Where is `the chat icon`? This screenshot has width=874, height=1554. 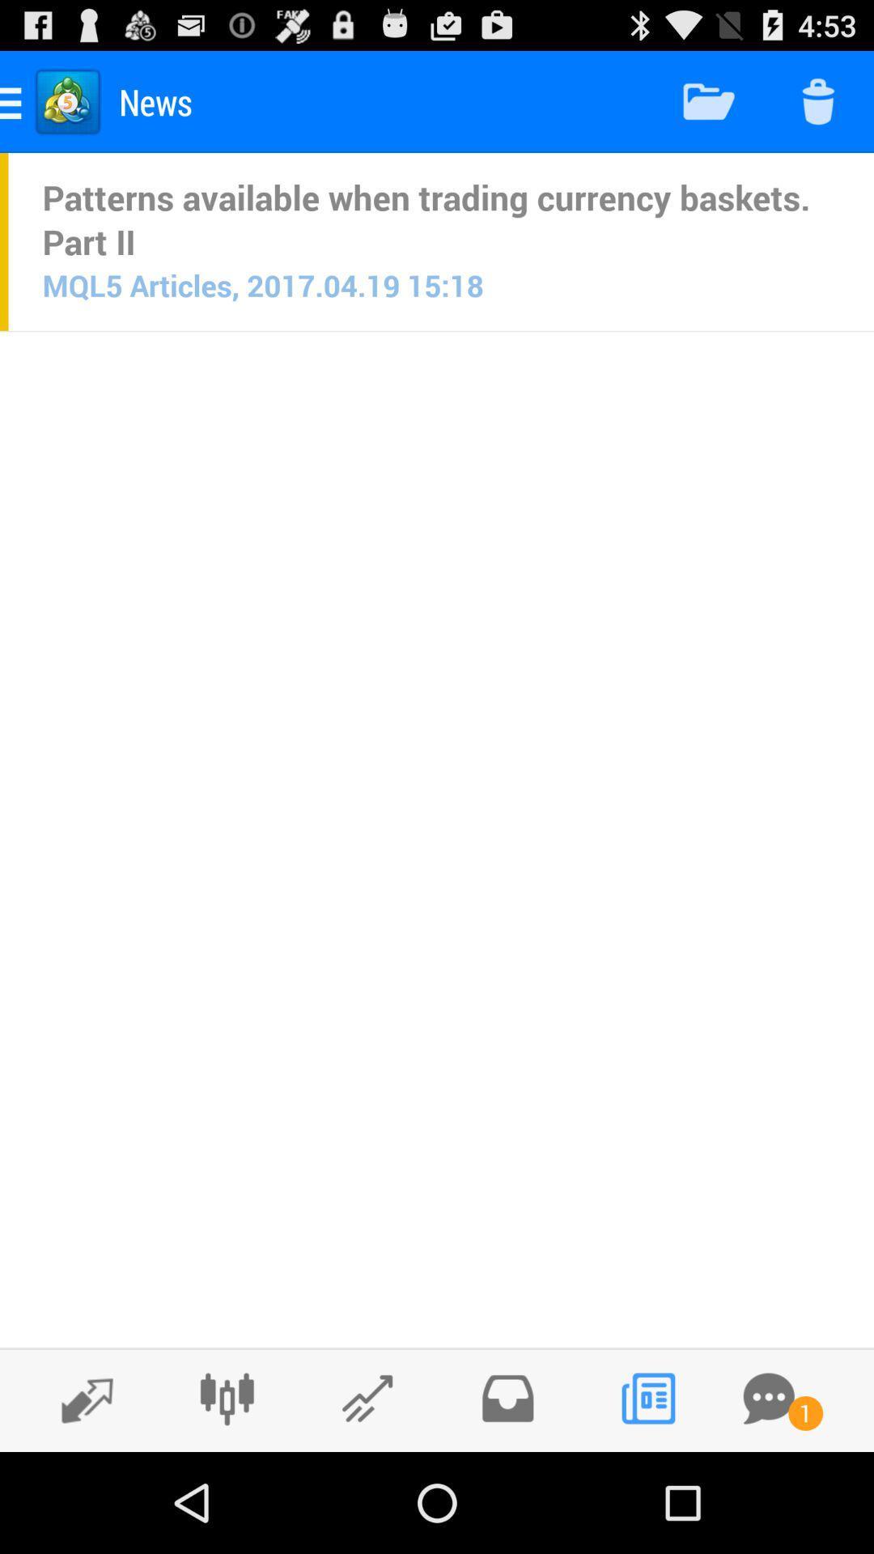 the chat icon is located at coordinates (768, 1496).